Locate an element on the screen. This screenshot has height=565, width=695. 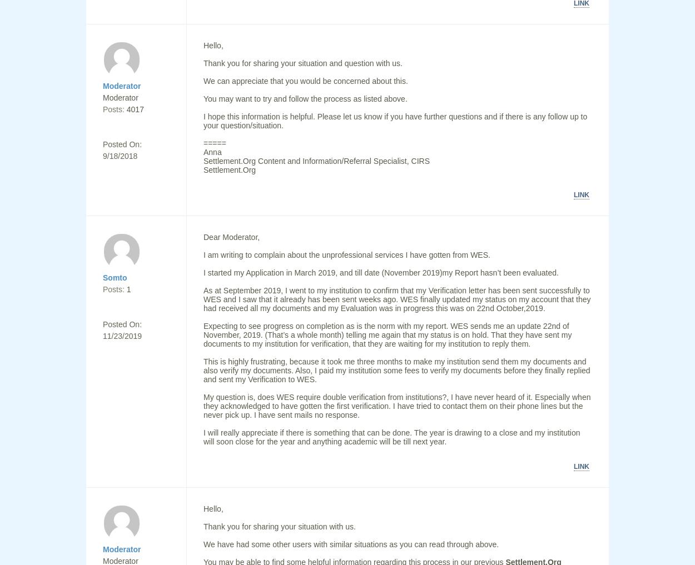
'As at September 2019, I went to my institution to confirm that my Verification letter has been sent successfully to WES and I saw that it already has been sent weeks ago. WES finally updated my status on my account that they had received all my documents and my Evaluation was in progress this was on 22nd October,2019.' is located at coordinates (203, 299).